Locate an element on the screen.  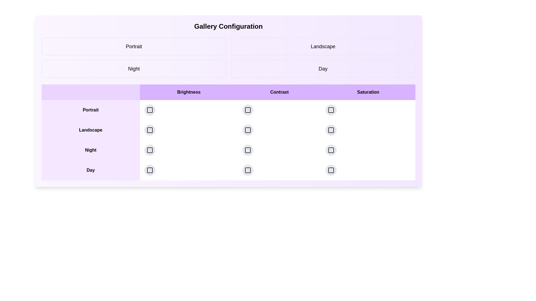
the small square checkbox with rounded corners located in the third row and last column of the grid is located at coordinates (331, 130).